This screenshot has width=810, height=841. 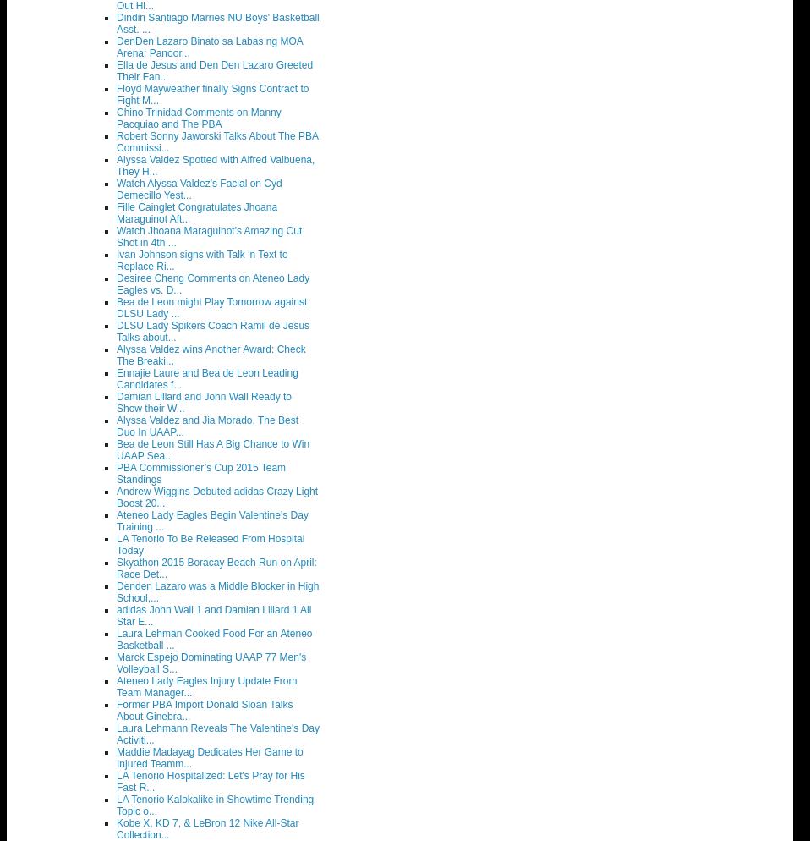 I want to click on 'Ateneo Lady Eagles Begin Valentine's Day Training ...', so click(x=211, y=519).